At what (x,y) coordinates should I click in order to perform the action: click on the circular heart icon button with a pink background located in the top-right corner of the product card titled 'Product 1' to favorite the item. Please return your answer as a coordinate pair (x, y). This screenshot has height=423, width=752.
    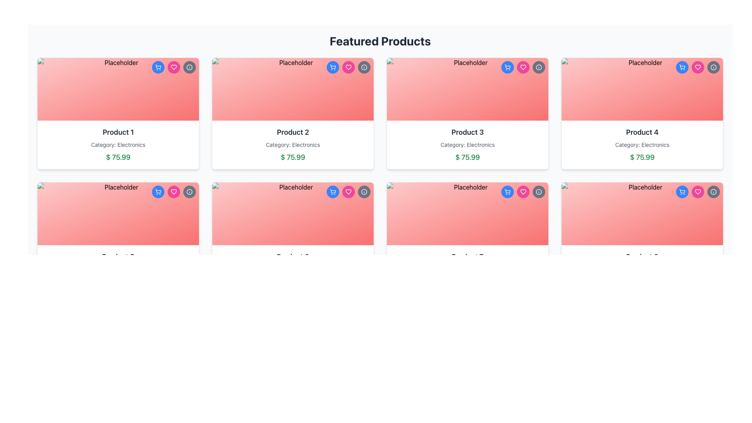
    Looking at the image, I should click on (174, 67).